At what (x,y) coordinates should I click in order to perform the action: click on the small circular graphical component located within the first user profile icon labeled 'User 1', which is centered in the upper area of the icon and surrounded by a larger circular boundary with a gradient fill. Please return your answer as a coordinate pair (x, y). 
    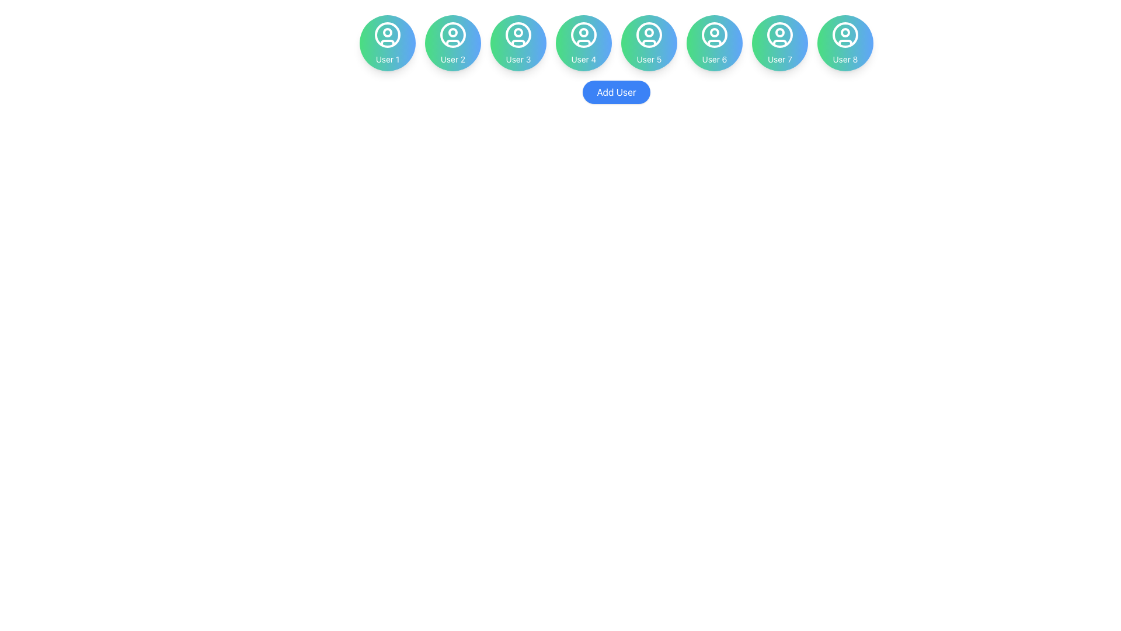
    Looking at the image, I should click on (387, 32).